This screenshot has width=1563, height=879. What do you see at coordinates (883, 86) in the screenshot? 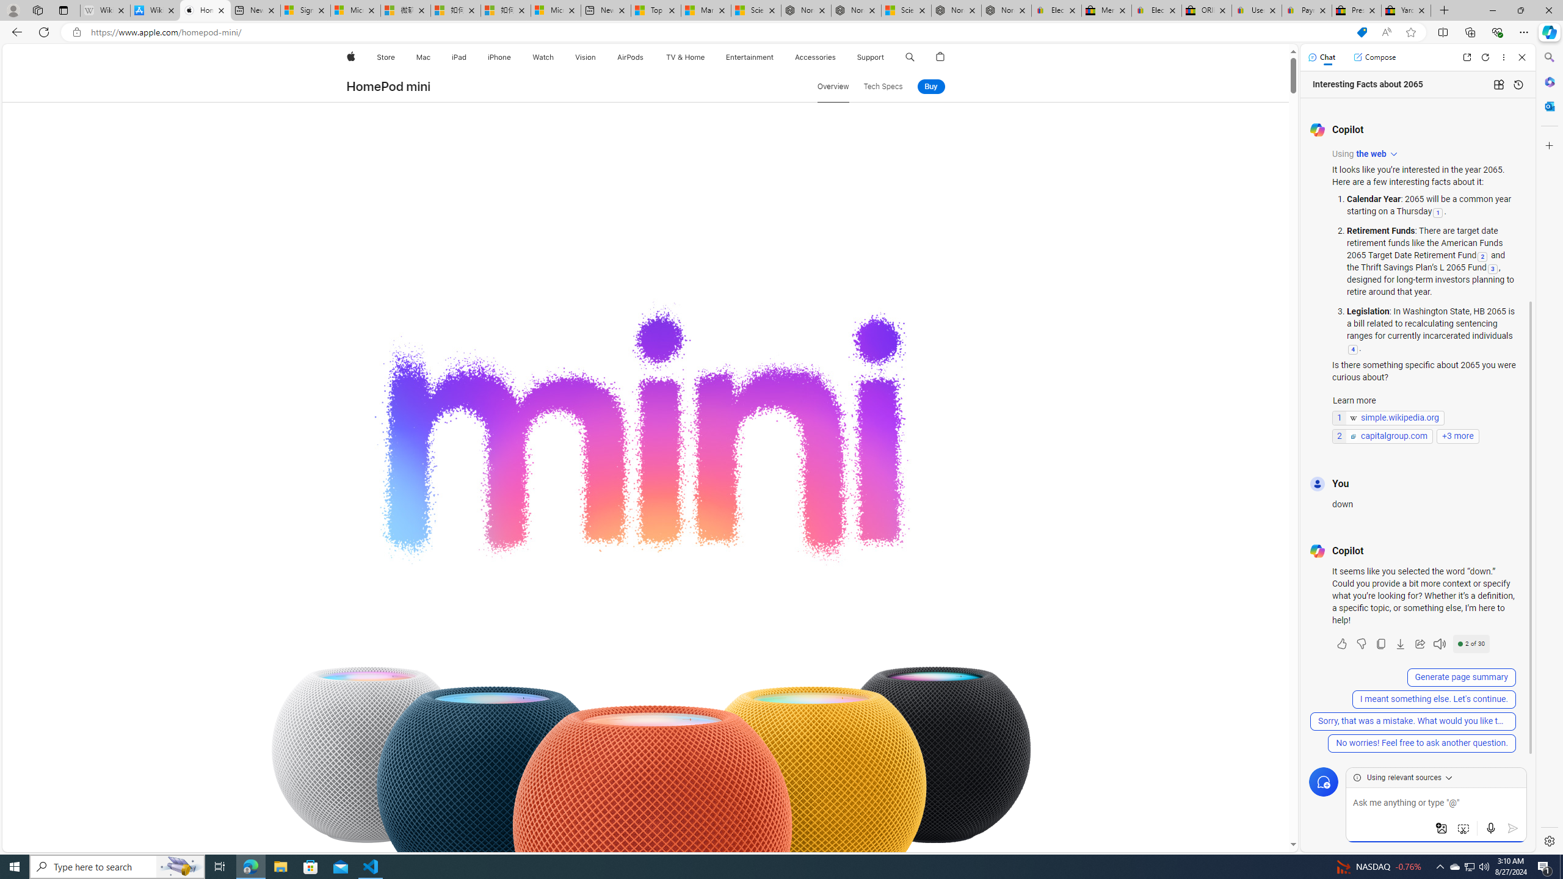
I see `'Tech Specs'` at bounding box center [883, 86].